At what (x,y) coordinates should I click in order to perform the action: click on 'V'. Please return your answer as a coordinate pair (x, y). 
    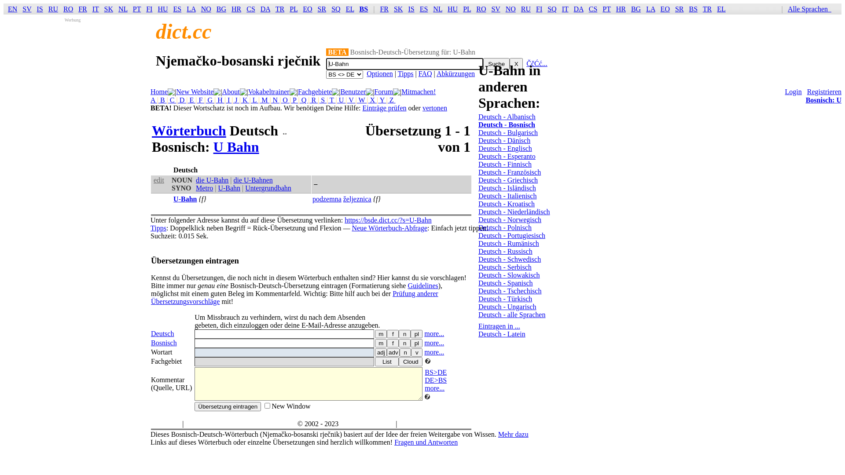
    Looking at the image, I should click on (351, 99).